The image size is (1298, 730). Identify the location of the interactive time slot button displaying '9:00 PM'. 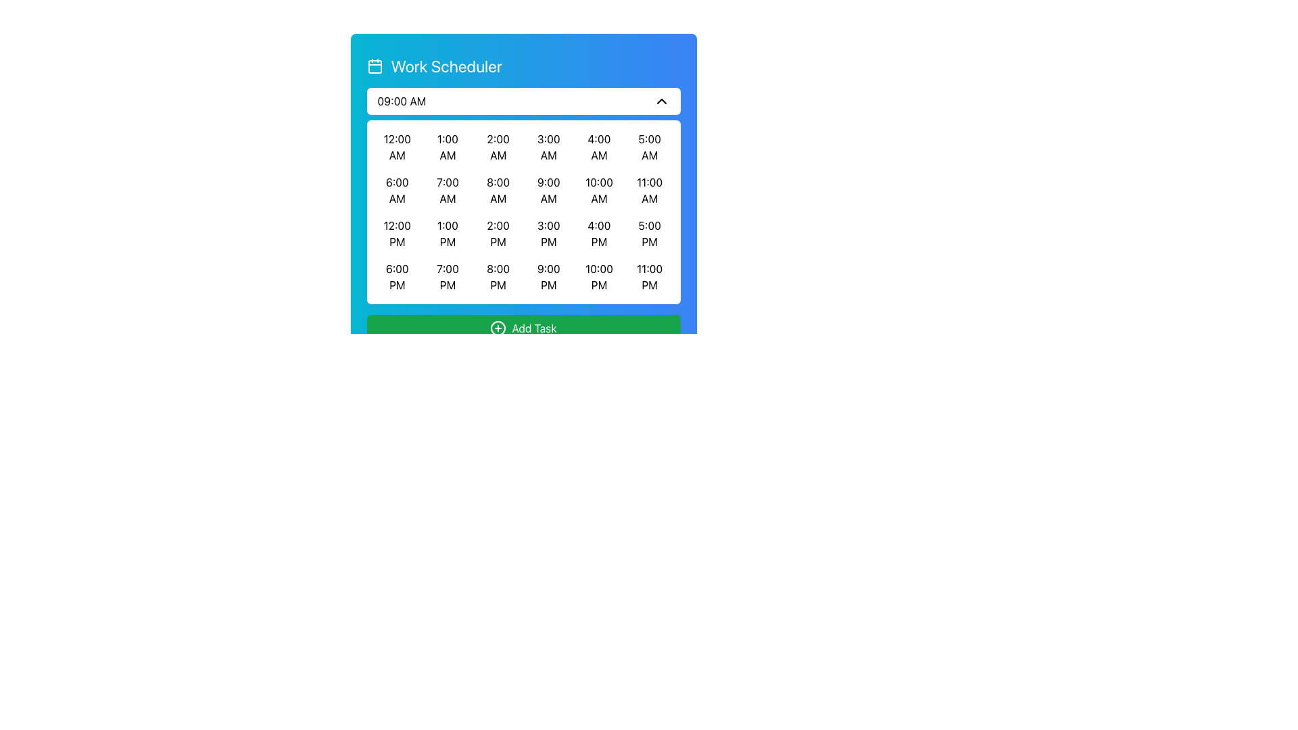
(548, 276).